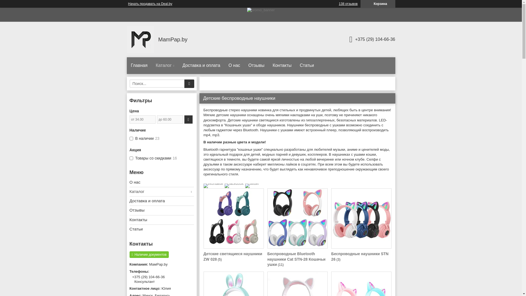 The image size is (526, 296). What do you see at coordinates (252, 183) in the screenshot?
I see `'twitter'` at bounding box center [252, 183].